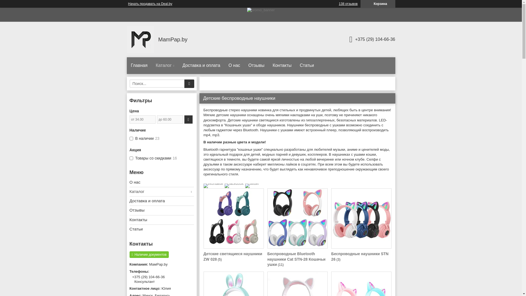 The image size is (526, 296). What do you see at coordinates (252, 183) in the screenshot?
I see `'twitter'` at bounding box center [252, 183].